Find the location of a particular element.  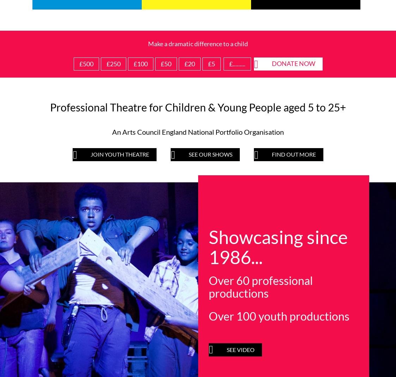

'£.........' is located at coordinates (229, 63).